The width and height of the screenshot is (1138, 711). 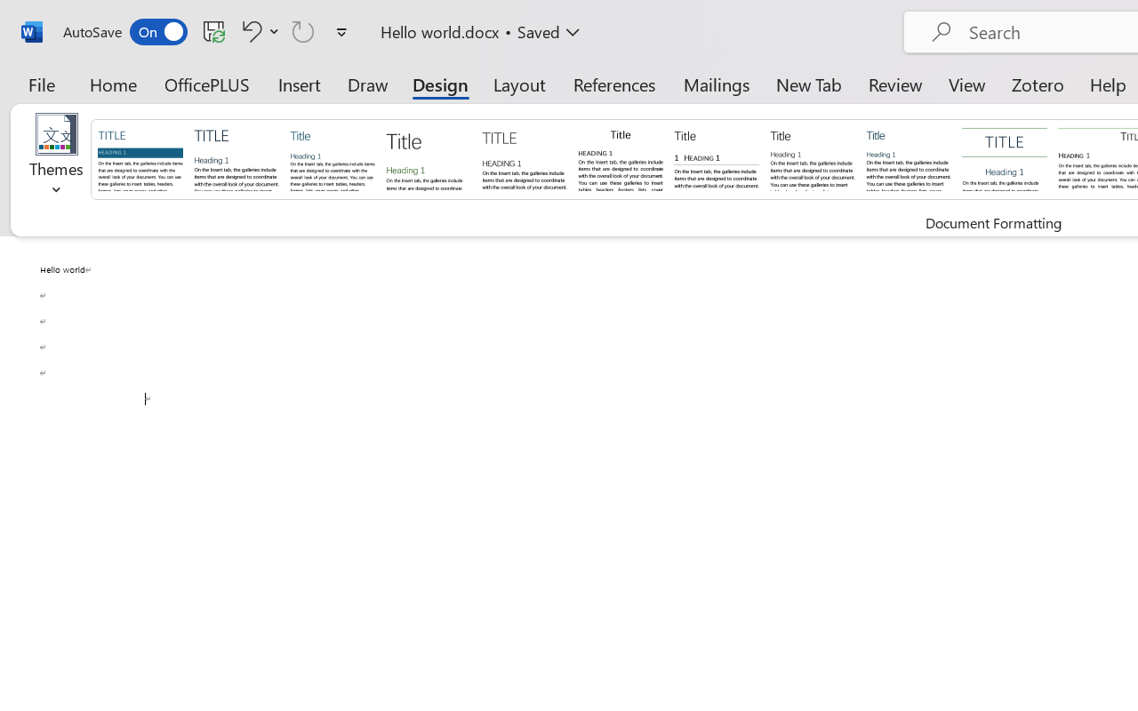 What do you see at coordinates (895, 84) in the screenshot?
I see `'Review'` at bounding box center [895, 84].